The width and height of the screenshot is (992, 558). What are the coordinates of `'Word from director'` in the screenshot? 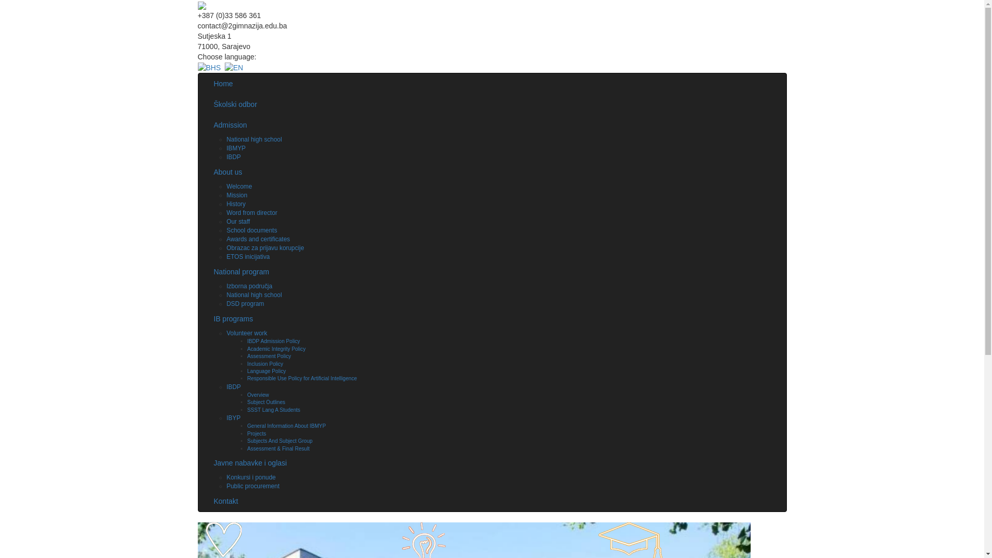 It's located at (251, 212).